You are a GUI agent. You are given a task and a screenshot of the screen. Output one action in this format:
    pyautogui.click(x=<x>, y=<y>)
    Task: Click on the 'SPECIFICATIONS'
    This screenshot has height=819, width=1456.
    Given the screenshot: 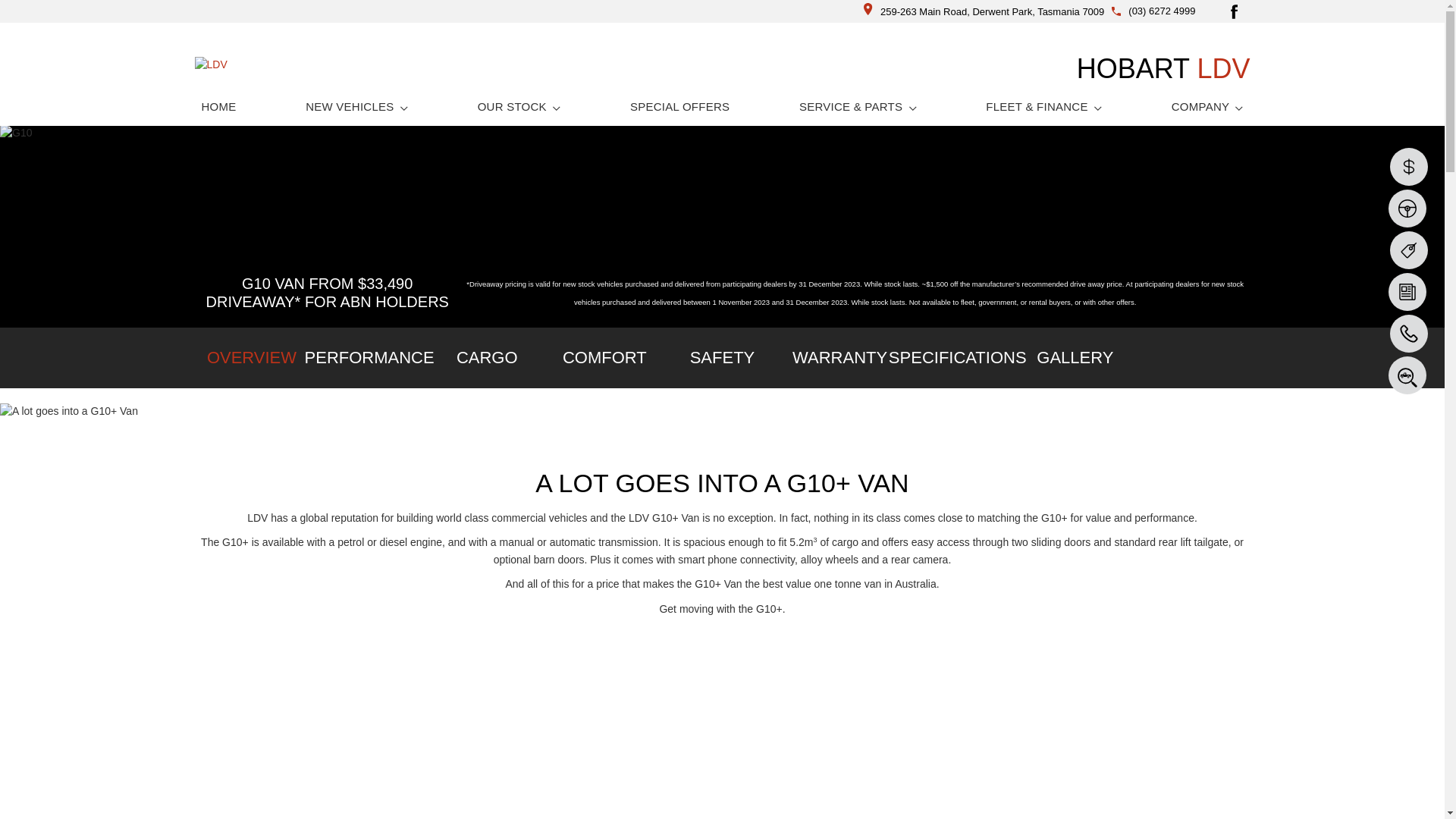 What is the action you would take?
    pyautogui.click(x=899, y=357)
    